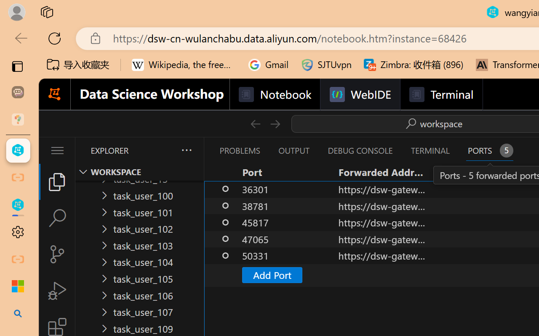  Describe the element at coordinates (293, 150) in the screenshot. I see `'Output (Ctrl+Shift+U)'` at that location.